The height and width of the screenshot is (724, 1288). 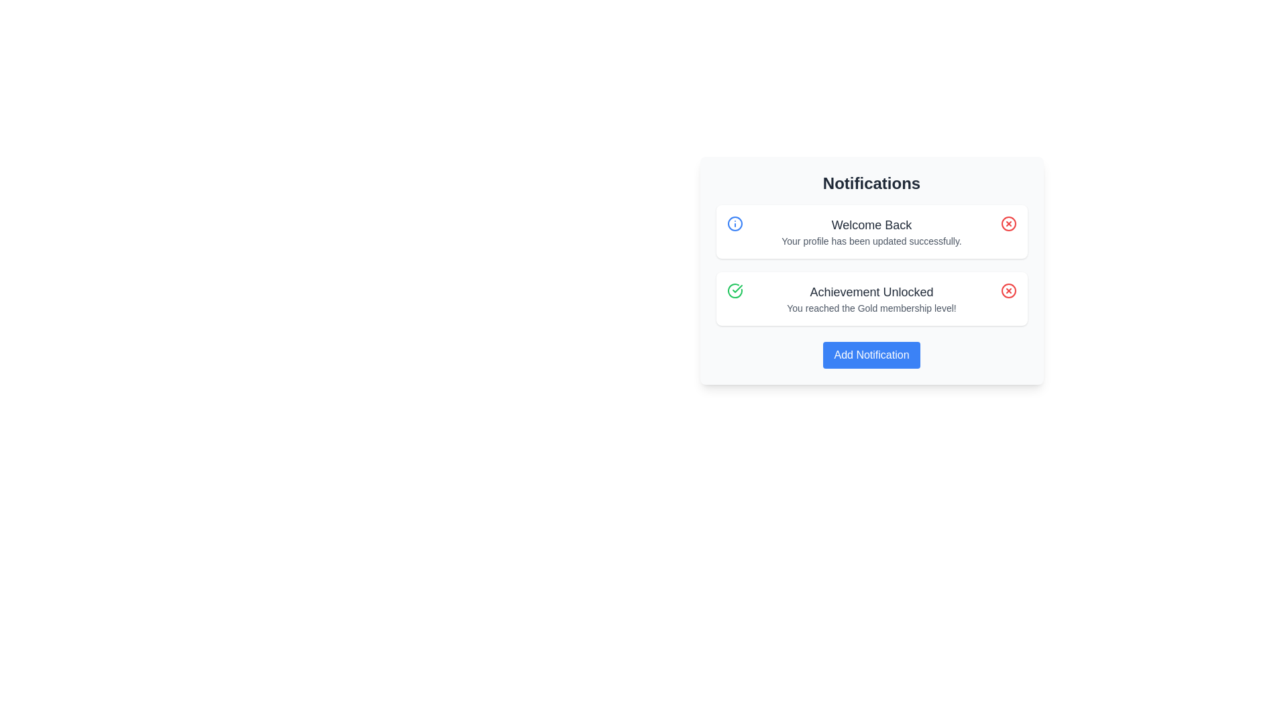 I want to click on title text of the notification located at the top of the notification card, which is positioned to the right of a green checkmark icon, so click(x=871, y=291).